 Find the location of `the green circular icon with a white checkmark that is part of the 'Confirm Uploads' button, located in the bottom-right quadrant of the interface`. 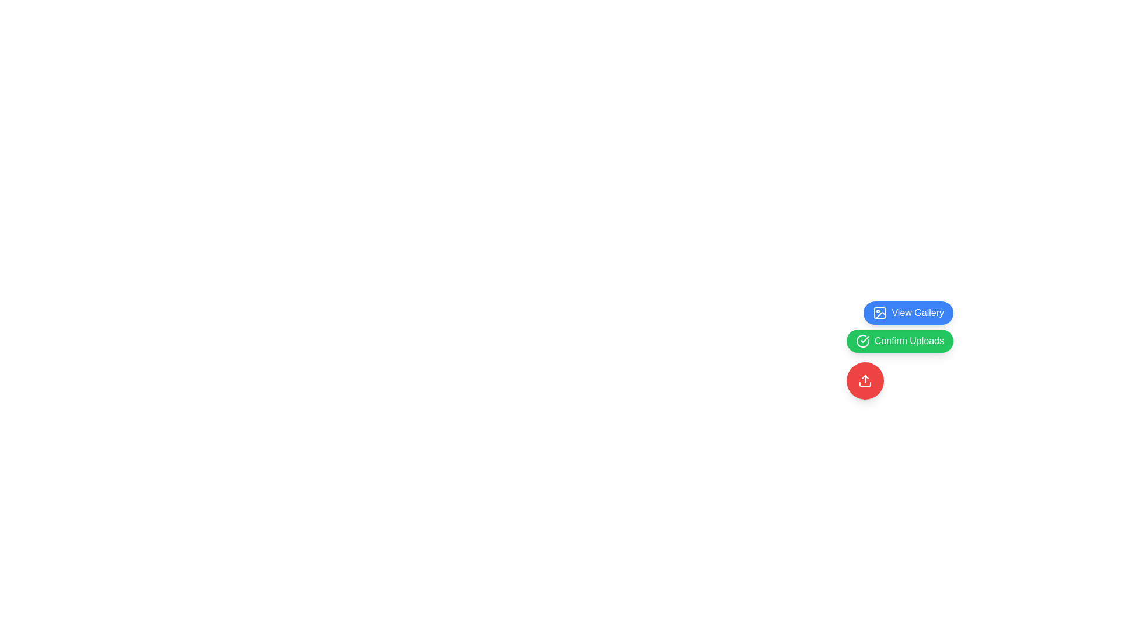

the green circular icon with a white checkmark that is part of the 'Confirm Uploads' button, located in the bottom-right quadrant of the interface is located at coordinates (862, 341).